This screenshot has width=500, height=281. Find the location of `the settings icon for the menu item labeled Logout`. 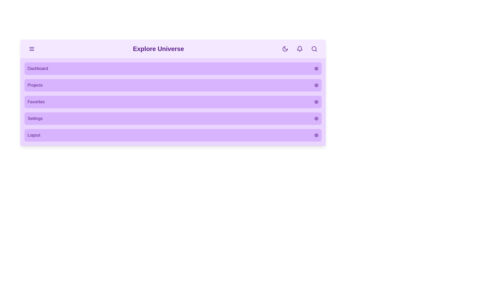

the settings icon for the menu item labeled Logout is located at coordinates (316, 135).